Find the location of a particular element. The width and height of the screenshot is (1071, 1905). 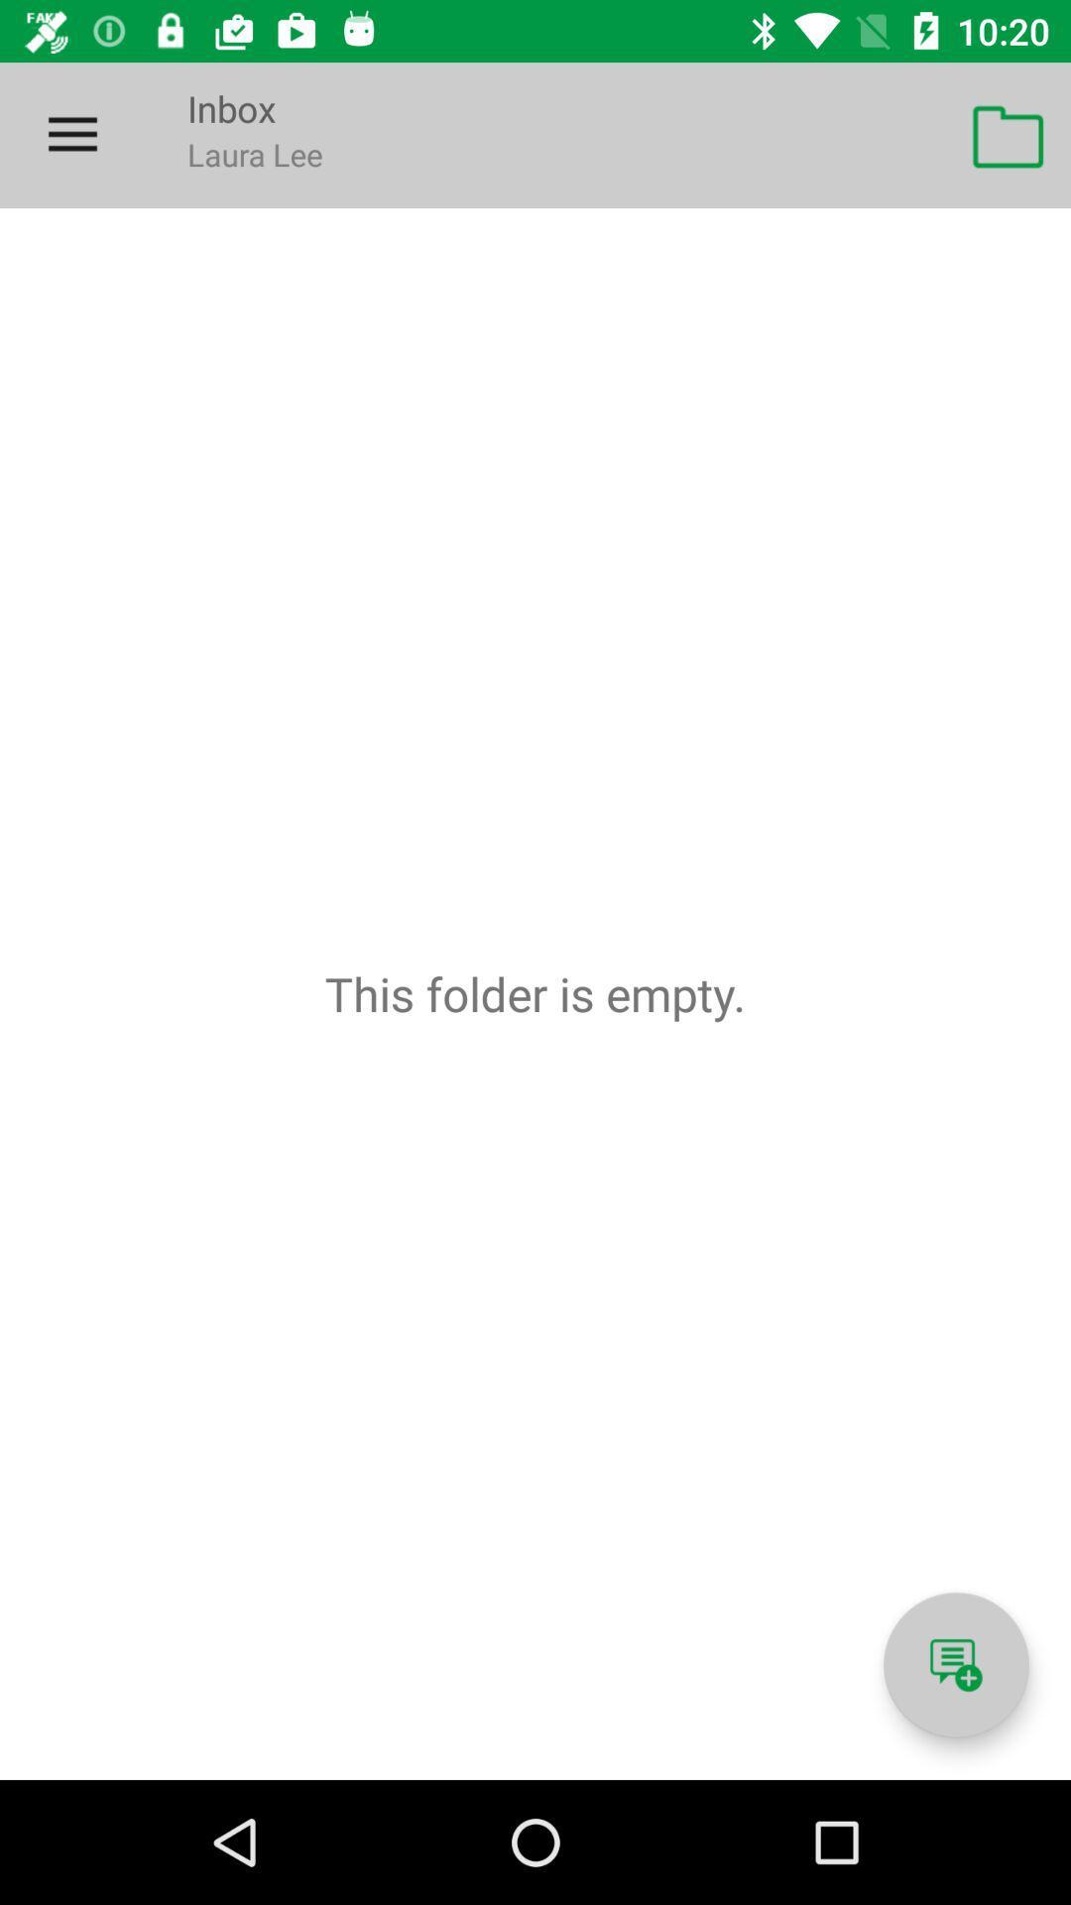

live chat is located at coordinates (955, 1665).